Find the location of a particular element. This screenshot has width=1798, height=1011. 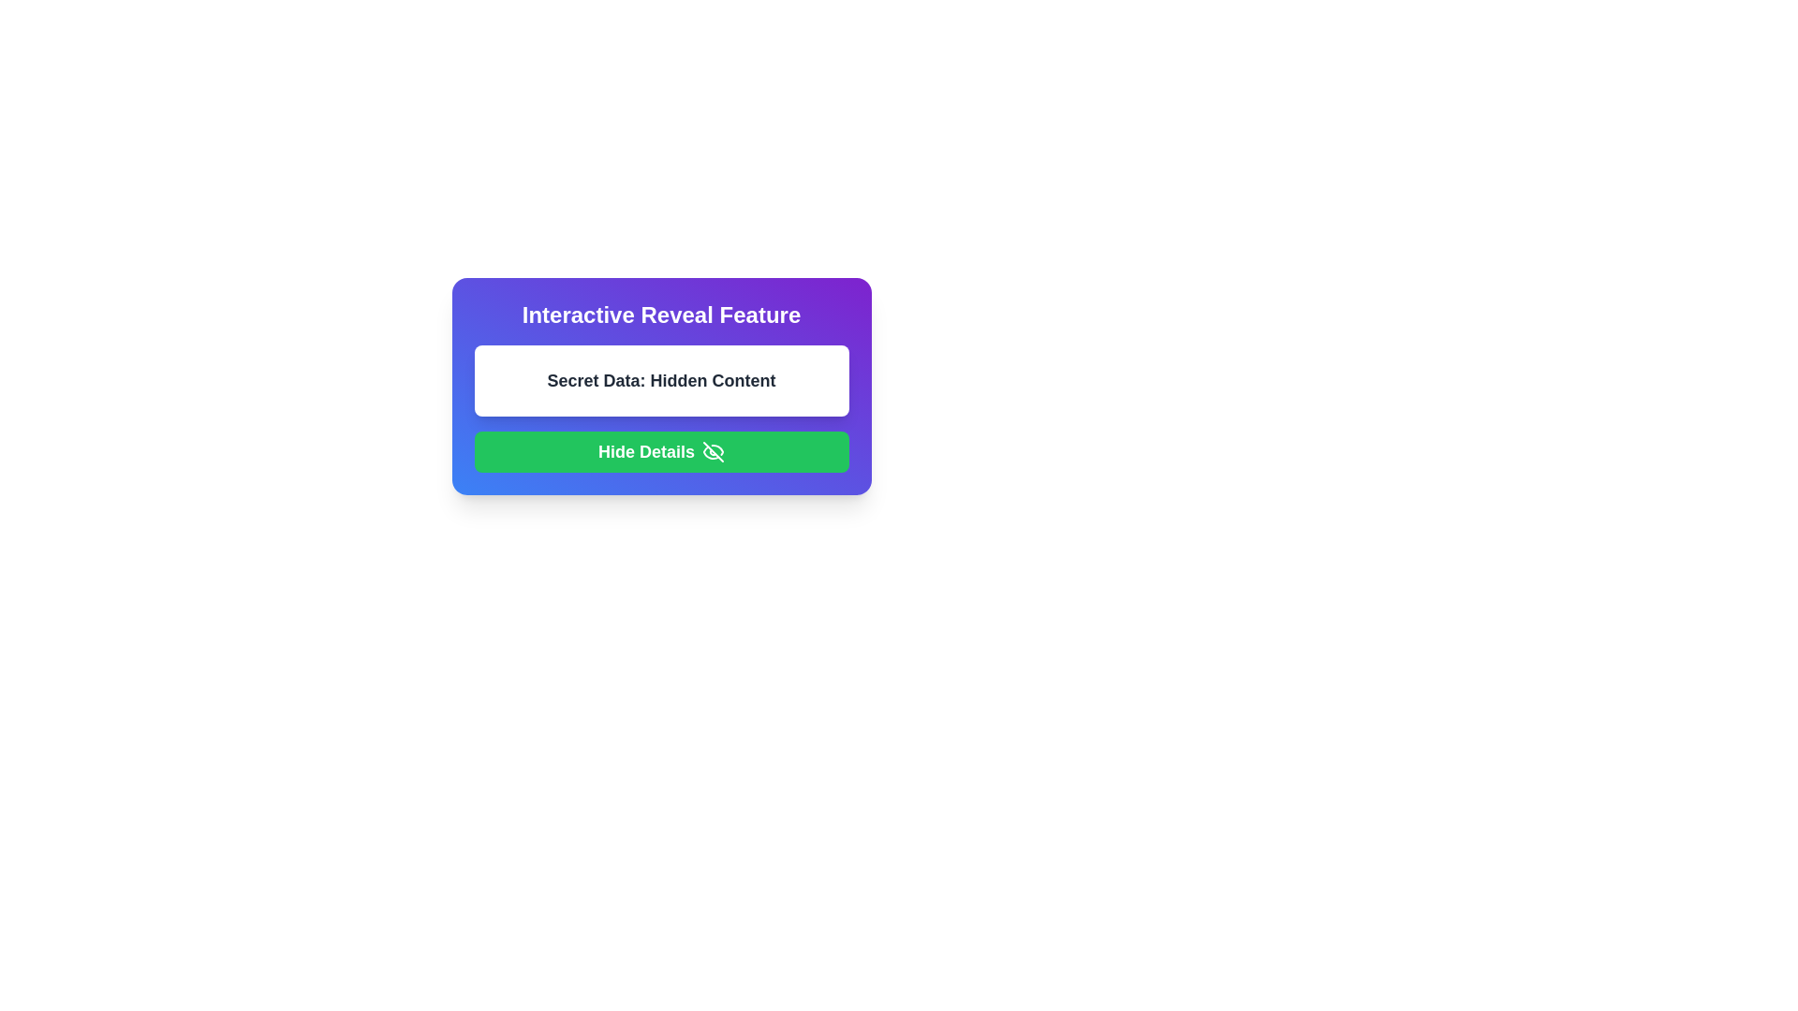

the 'Hide Details' label, which is displayed in bold white font within a green button at the bottom of the visible card is located at coordinates (646, 451).